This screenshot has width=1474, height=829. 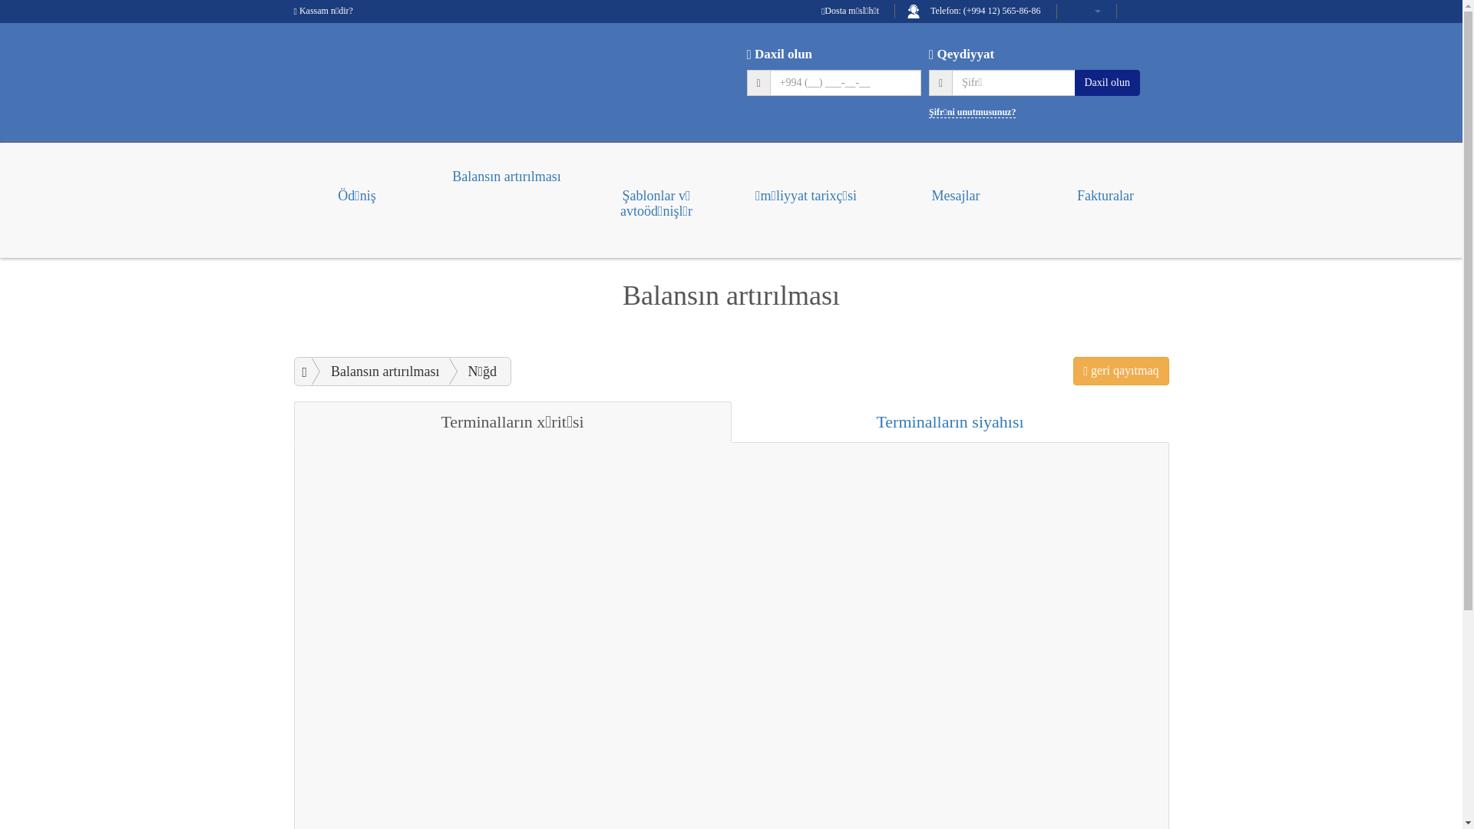 What do you see at coordinates (954, 188) in the screenshot?
I see `'Mesajlar'` at bounding box center [954, 188].